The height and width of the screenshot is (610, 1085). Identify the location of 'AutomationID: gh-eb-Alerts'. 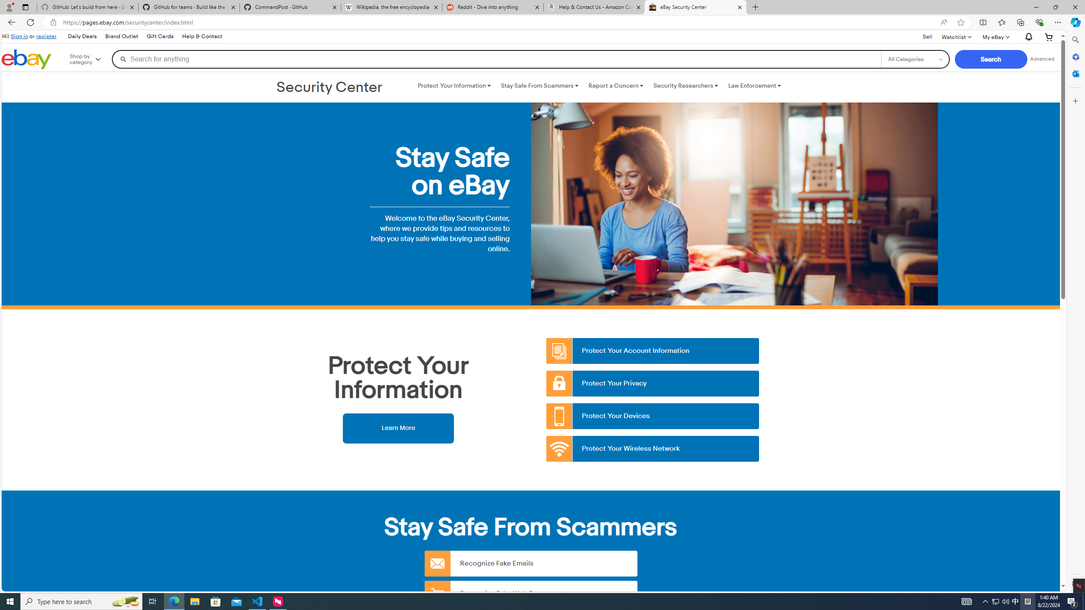
(1027, 37).